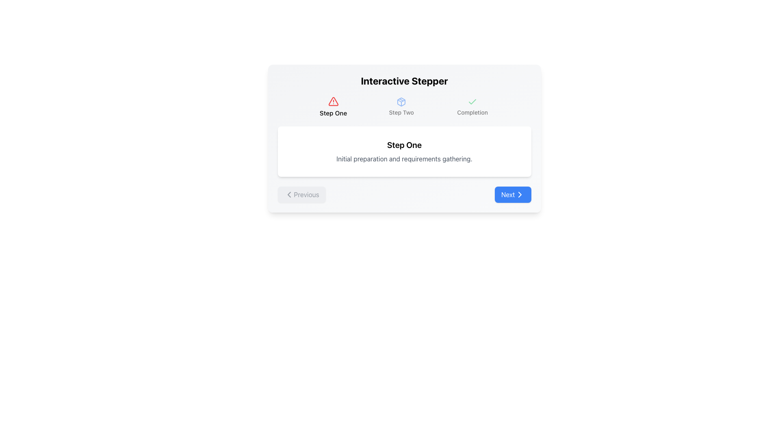 Image resolution: width=780 pixels, height=439 pixels. Describe the element at coordinates (404, 106) in the screenshot. I see `the second segment labeled 'Step Two' in the horizontal stepper navigation indicator to highlight it` at that location.